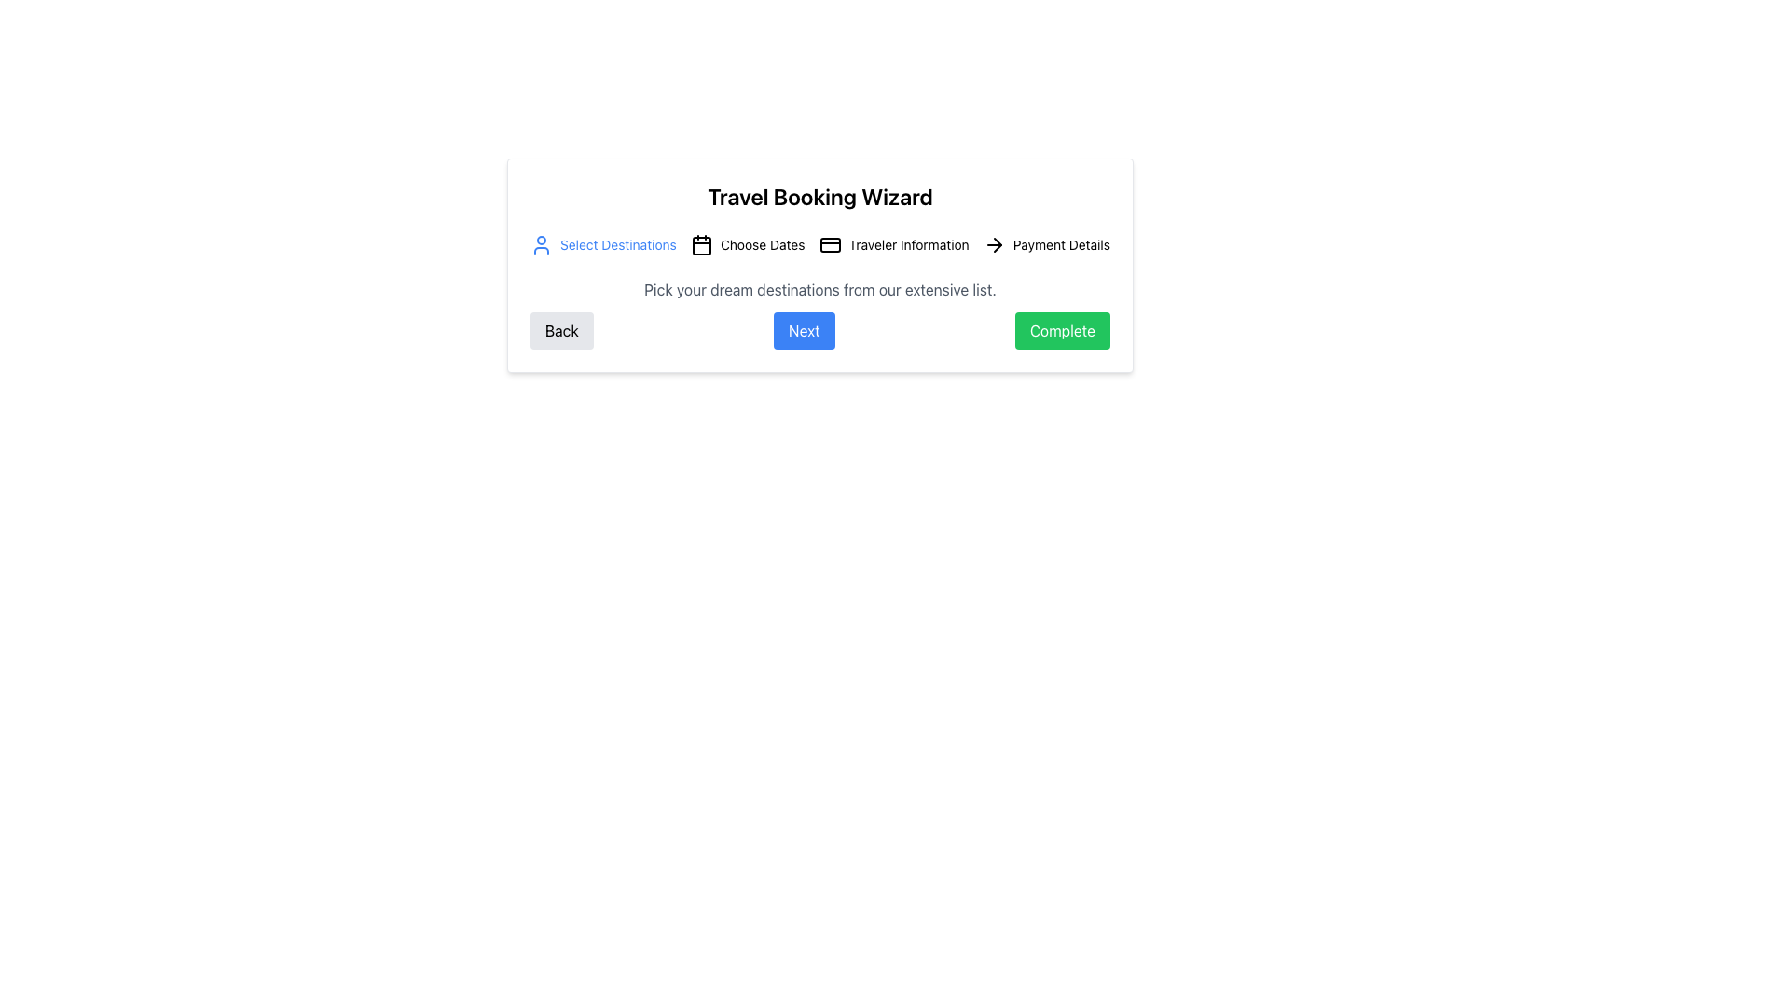 The height and width of the screenshot is (1007, 1790). I want to click on the calendar box element, which is a rectangle with slightly rounded corners, centered within the larger calendar icon, so click(701, 244).